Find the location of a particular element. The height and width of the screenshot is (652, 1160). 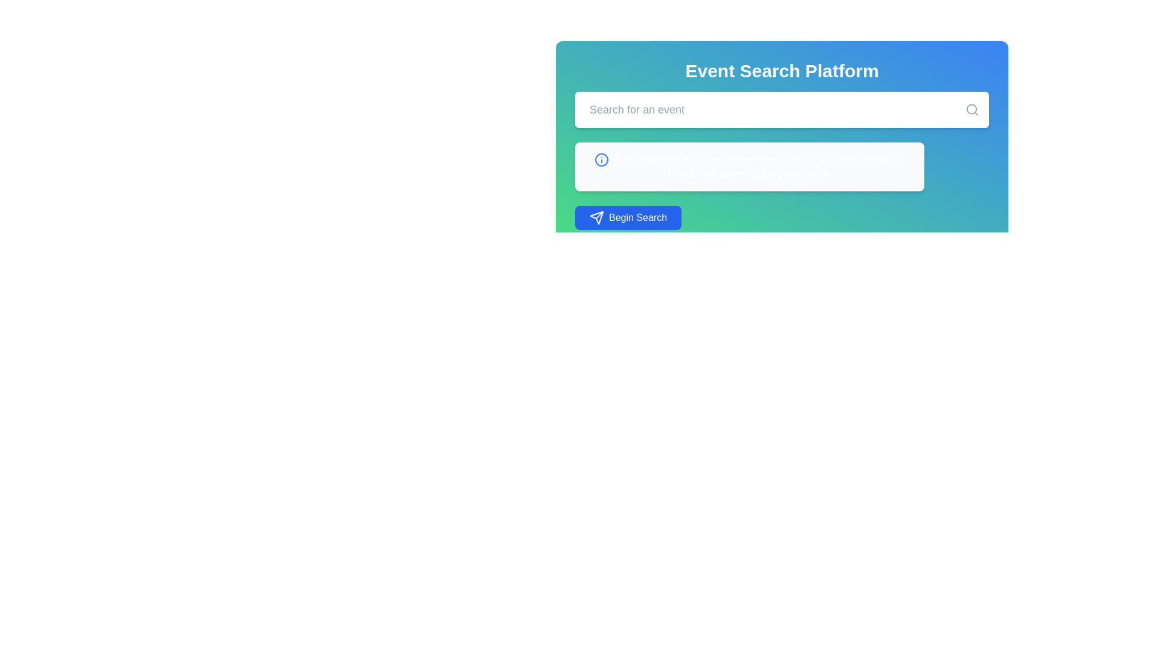

the 'Begin Search' button, which is a rounded rectangle with a vivid blue background and white text is located at coordinates (628, 217).